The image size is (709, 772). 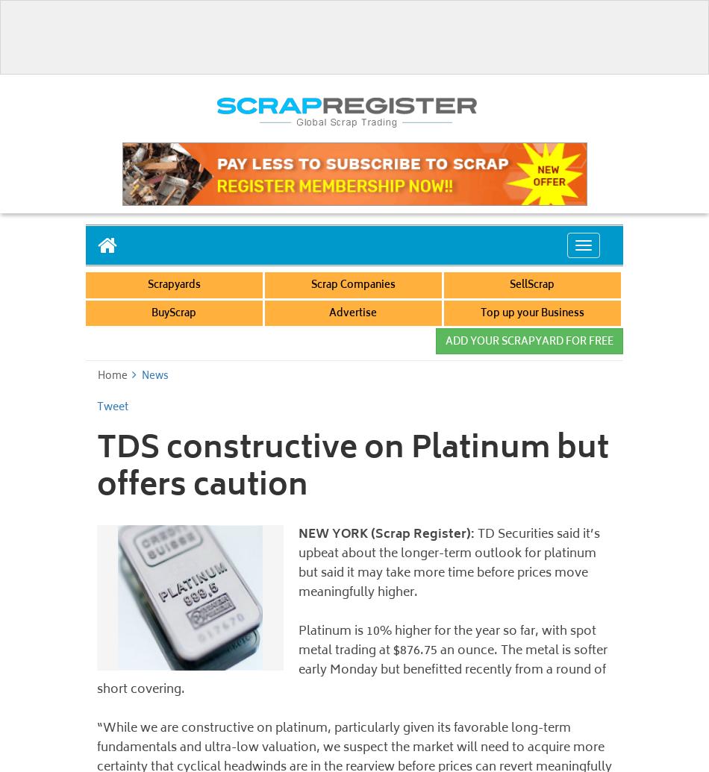 I want to click on 'Tweet', so click(x=112, y=406).